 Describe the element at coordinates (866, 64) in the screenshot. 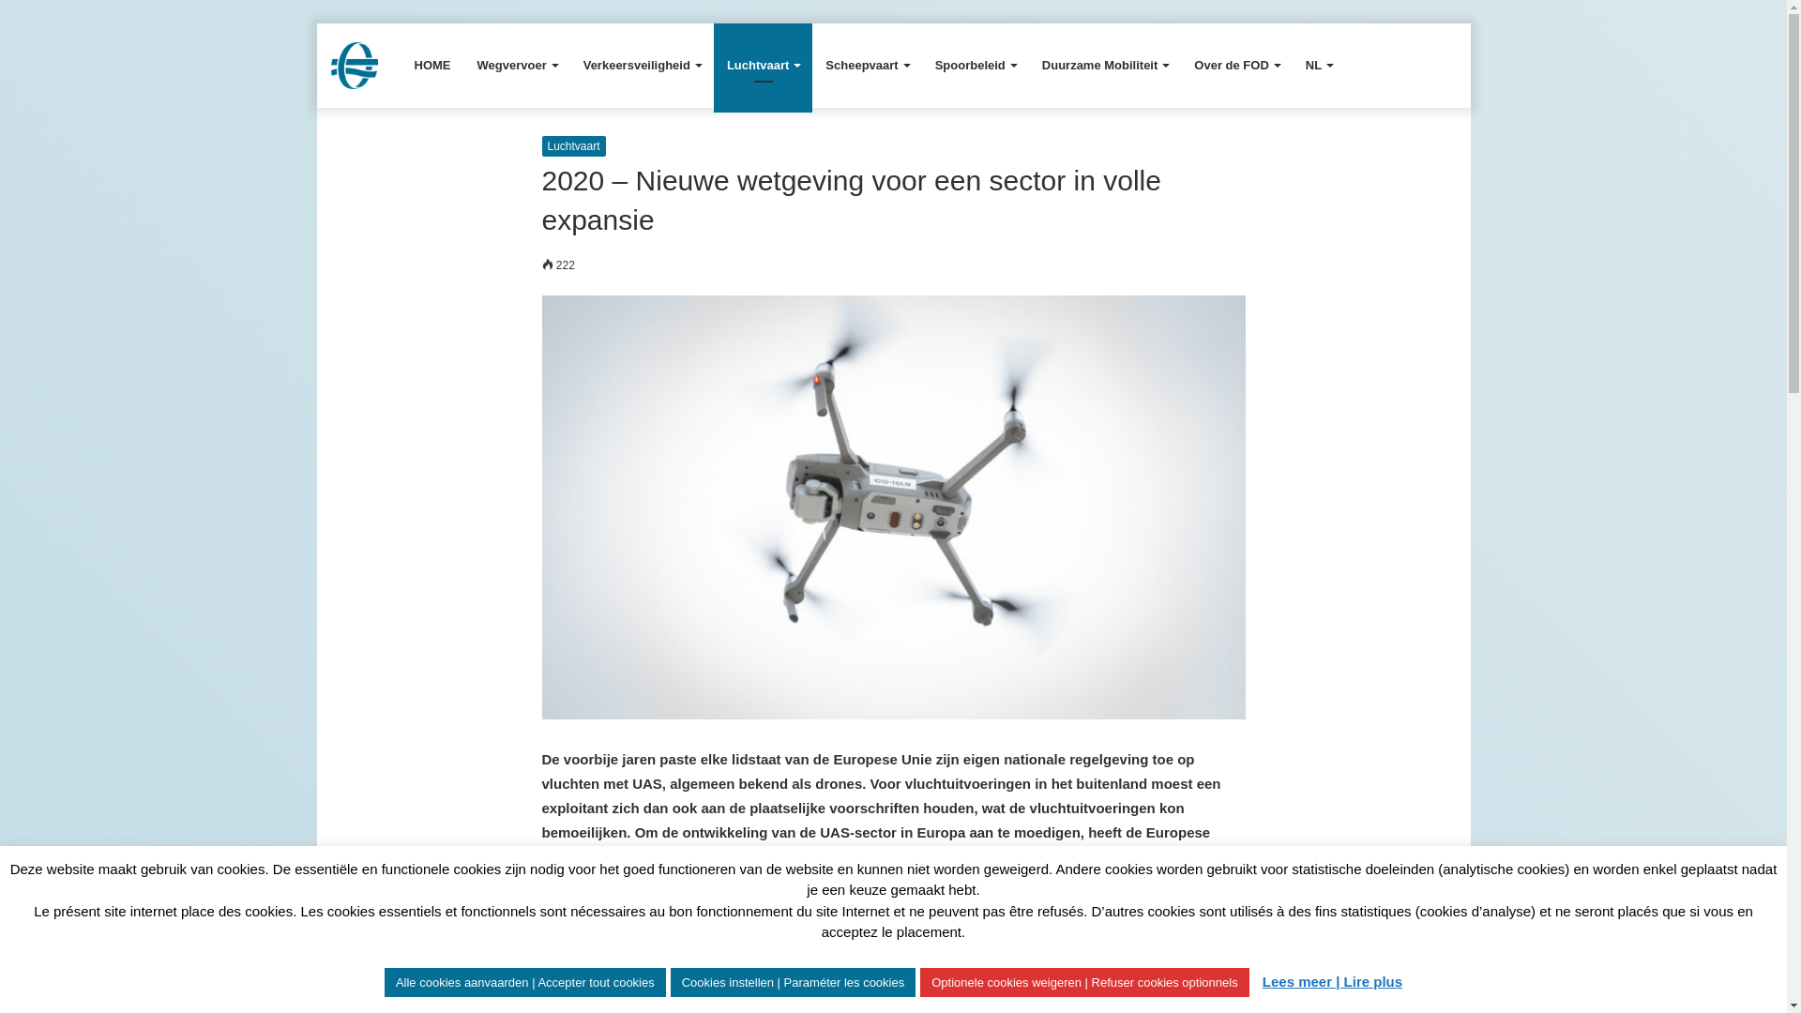

I see `'Scheepvaart'` at that location.